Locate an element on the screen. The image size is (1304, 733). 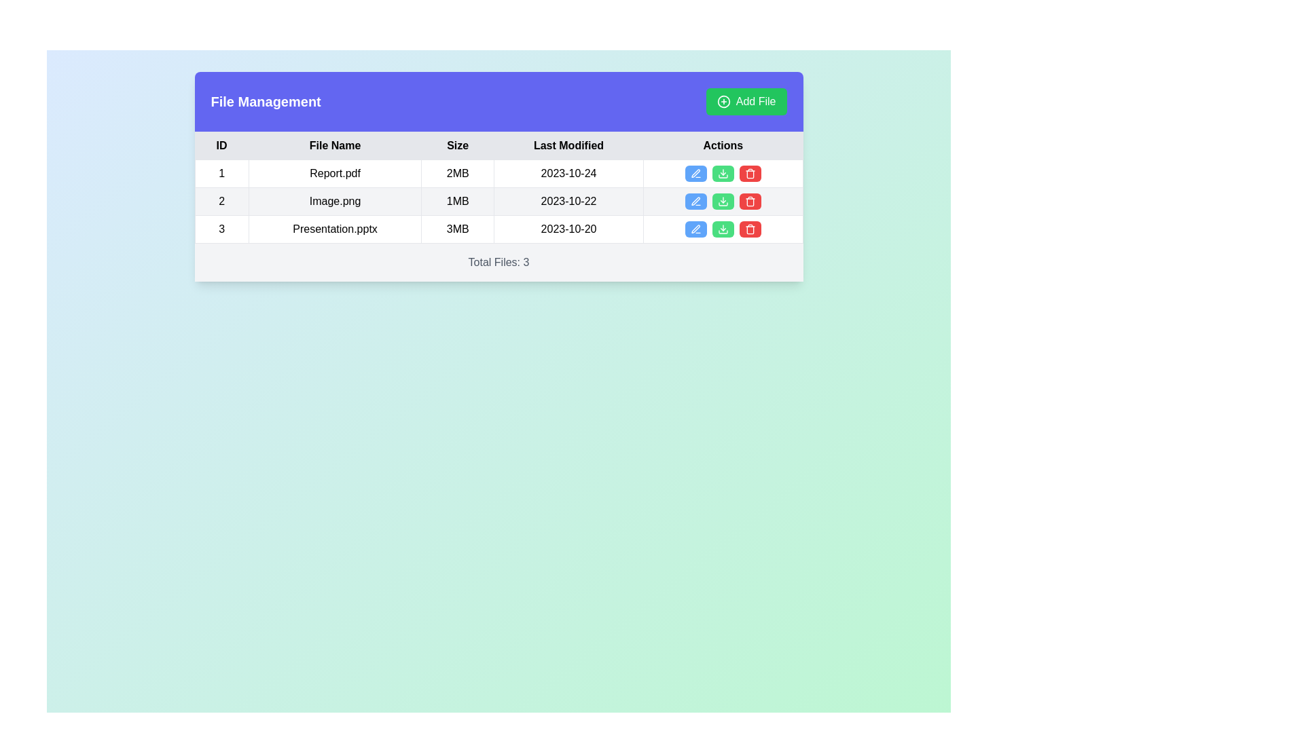
the first column header cell in the data table that marks the 'ID' field is located at coordinates (221, 146).